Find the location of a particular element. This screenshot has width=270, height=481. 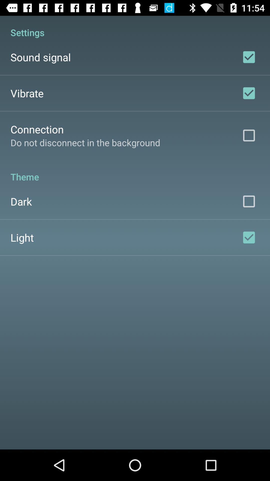

item above the light icon is located at coordinates (21, 201).